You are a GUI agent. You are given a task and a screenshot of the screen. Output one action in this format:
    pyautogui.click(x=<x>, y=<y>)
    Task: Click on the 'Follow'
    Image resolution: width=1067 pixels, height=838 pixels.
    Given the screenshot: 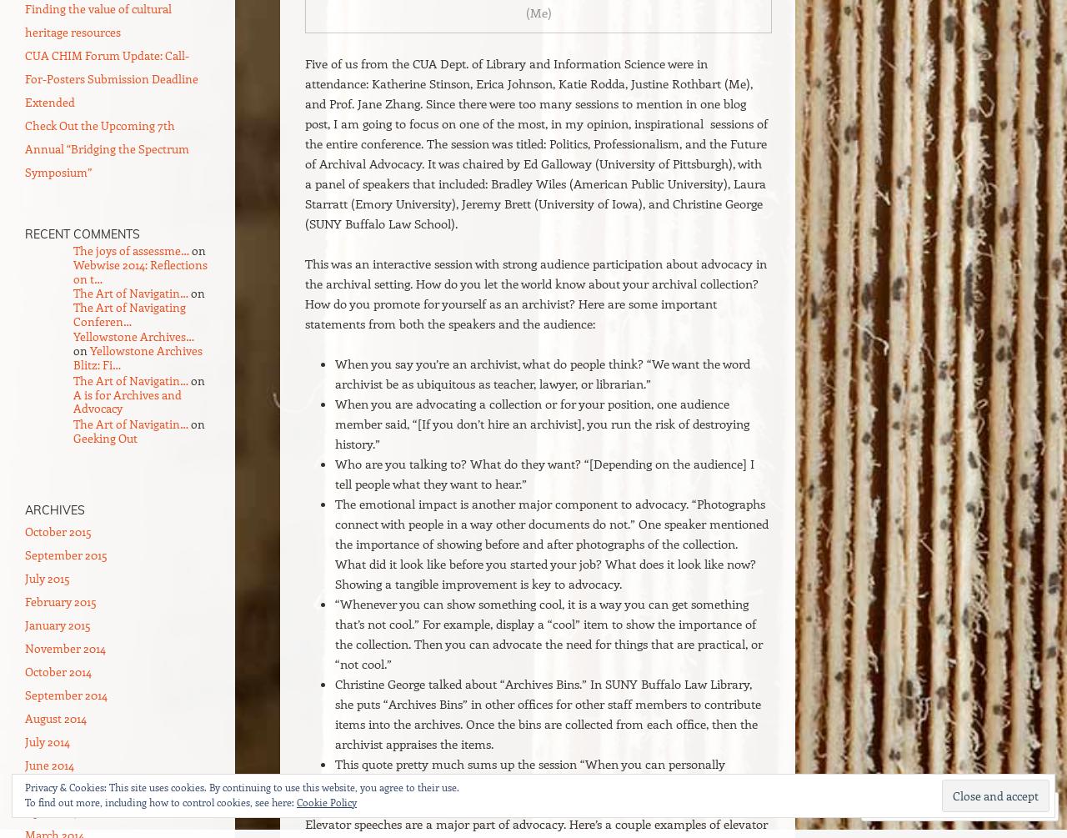 What is the action you would take?
    pyautogui.click(x=984, y=805)
    